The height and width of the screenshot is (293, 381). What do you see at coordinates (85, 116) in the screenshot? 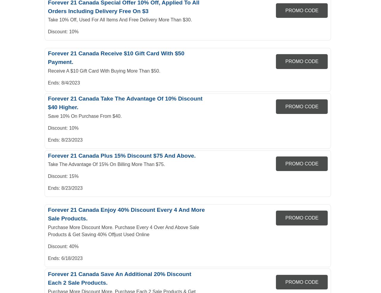
I see `'Save 10% On Purchase From $40.'` at bounding box center [85, 116].